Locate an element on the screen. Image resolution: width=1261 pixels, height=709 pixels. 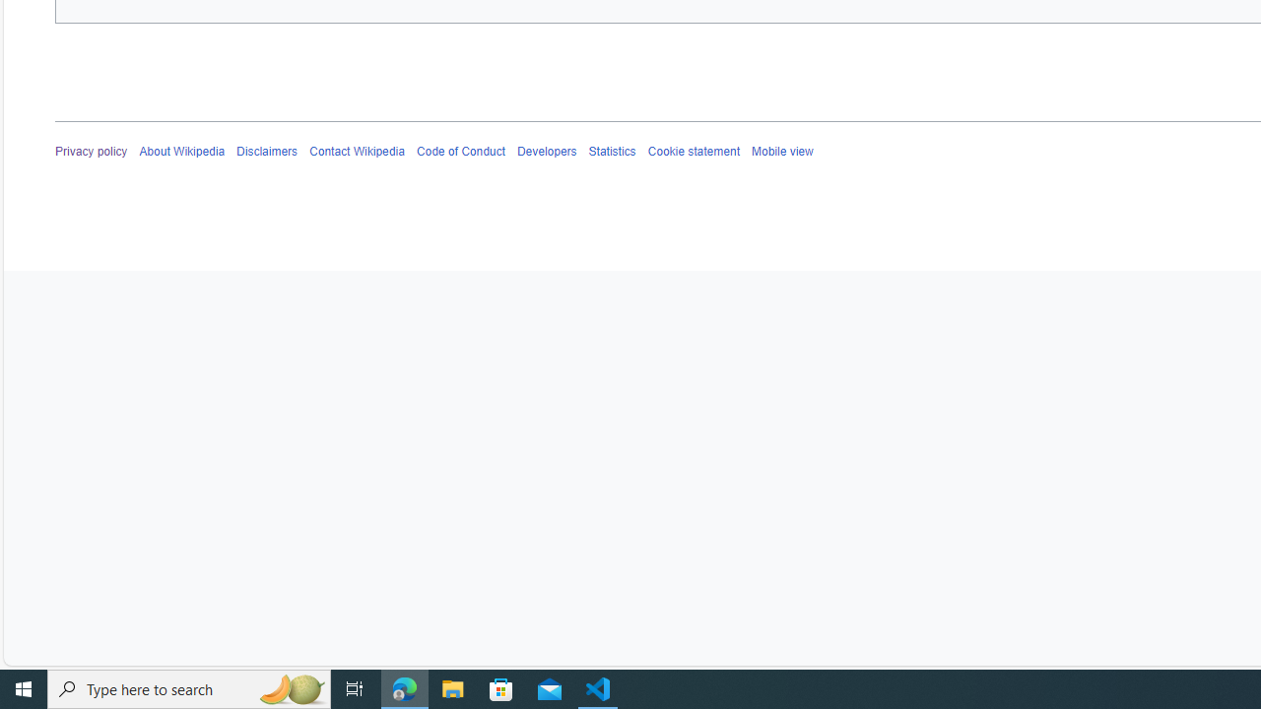
'Contact Wikipedia' is located at coordinates (357, 151).